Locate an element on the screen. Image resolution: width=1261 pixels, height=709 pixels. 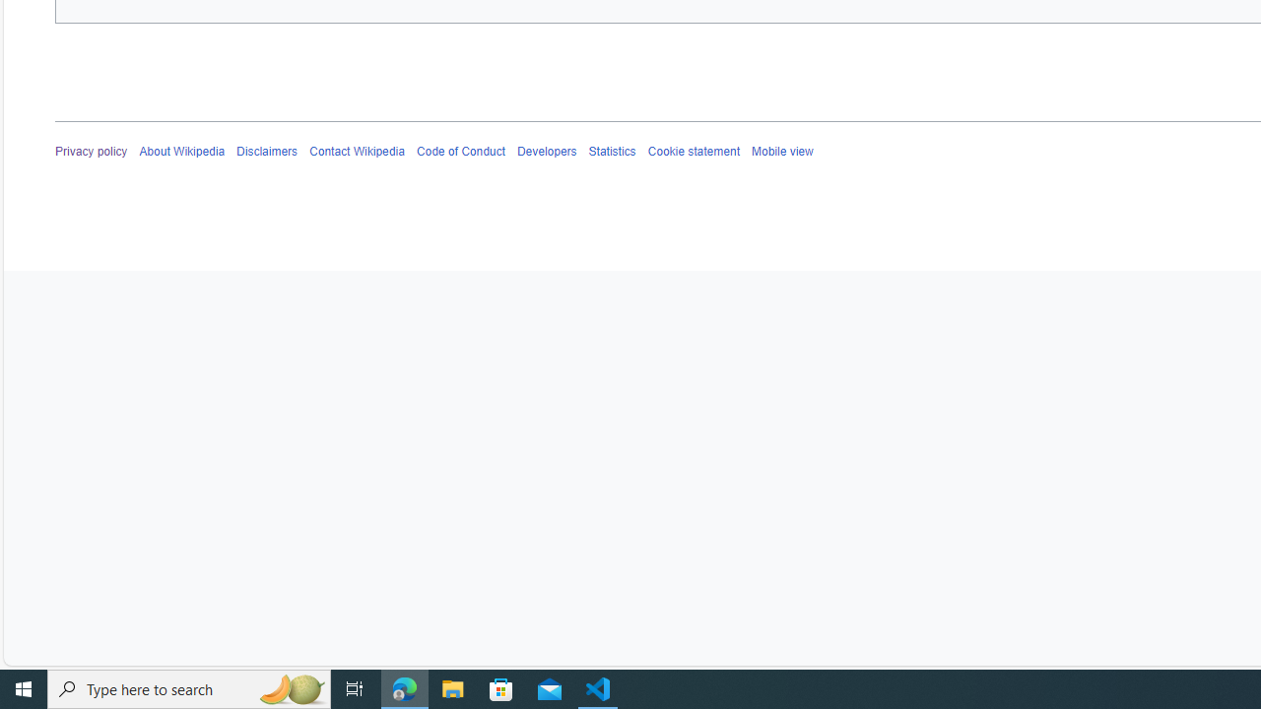
'Contact Wikipedia' is located at coordinates (357, 151).